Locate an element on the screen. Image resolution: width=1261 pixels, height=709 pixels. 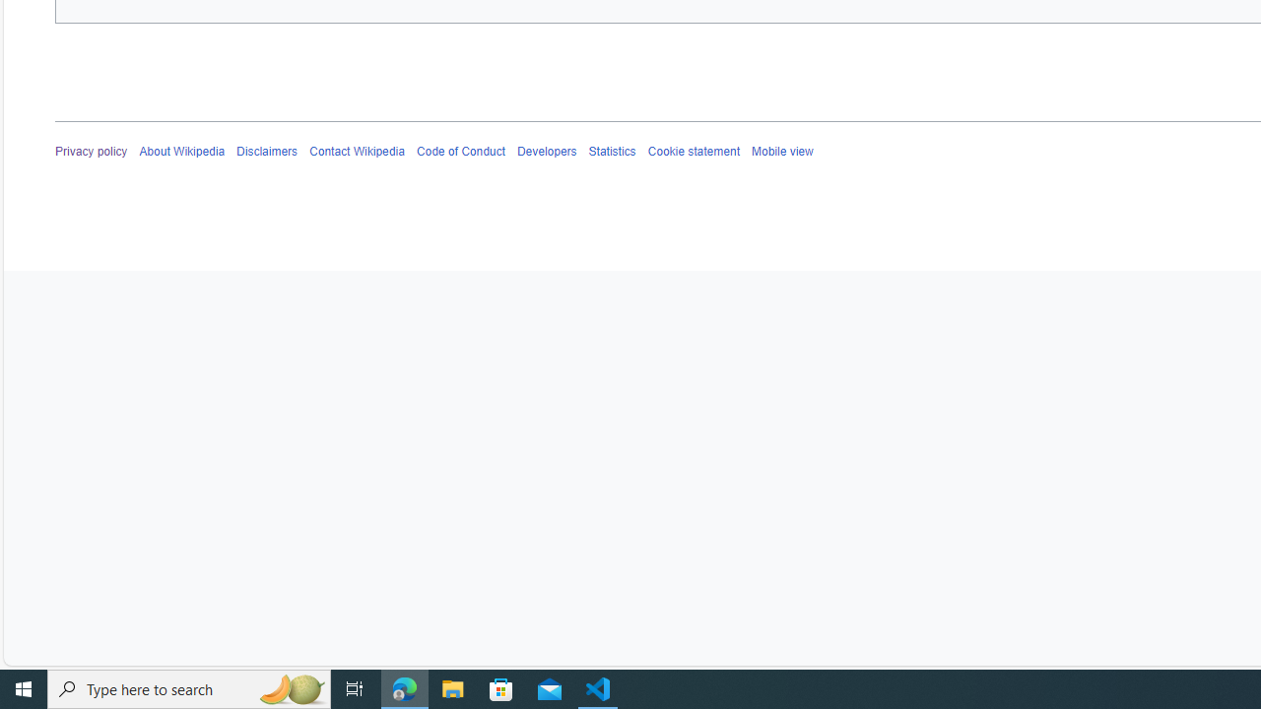
'Contact Wikipedia' is located at coordinates (357, 151).